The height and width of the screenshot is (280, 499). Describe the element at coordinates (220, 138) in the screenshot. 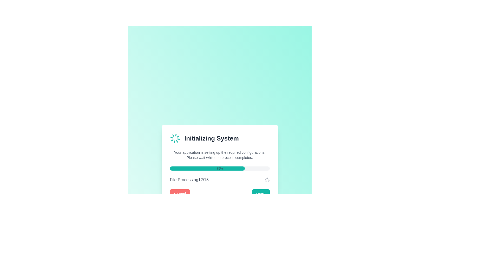

I see `the Loading status display that shows 'Initializing System' with a teal spinner to indicate the loading process` at that location.